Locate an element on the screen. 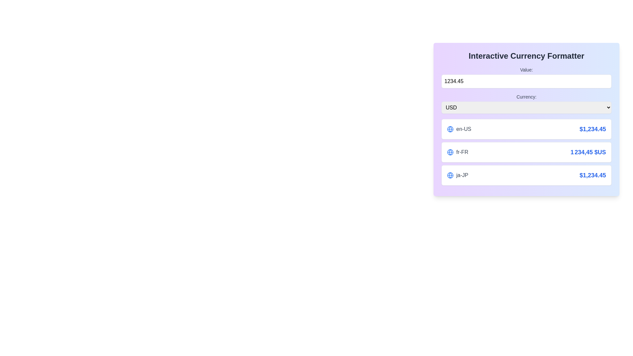 This screenshot has height=356, width=633. the static text label displaying 'Currency:', which is positioned above the dropdown menu for currency options is located at coordinates (526, 97).